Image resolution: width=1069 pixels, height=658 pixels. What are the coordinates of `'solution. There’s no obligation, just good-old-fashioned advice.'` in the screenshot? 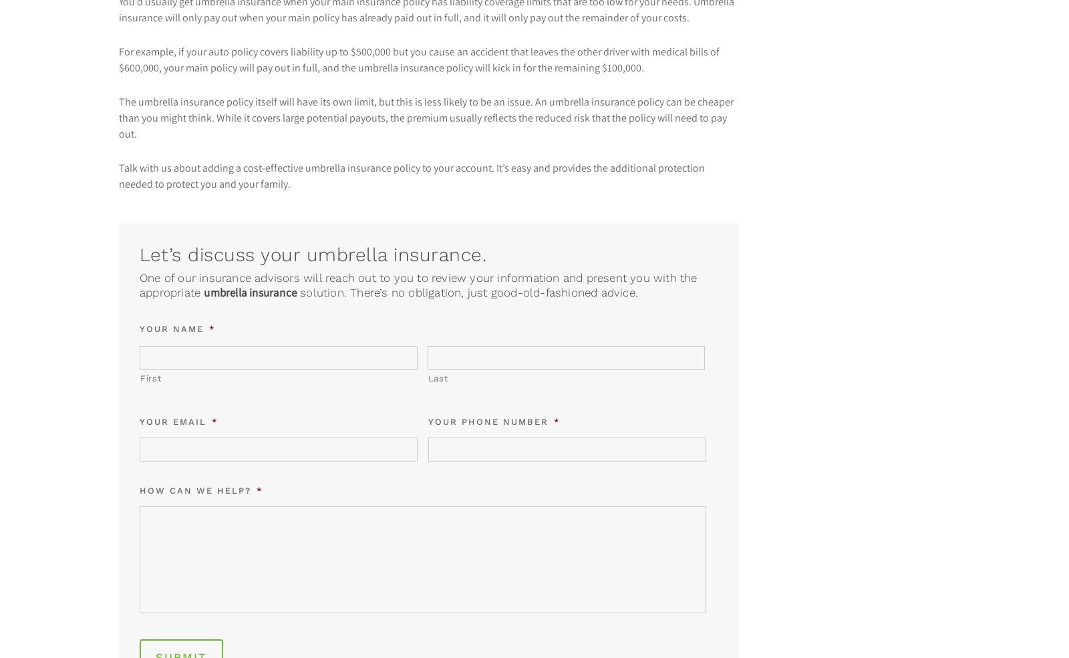 It's located at (467, 292).